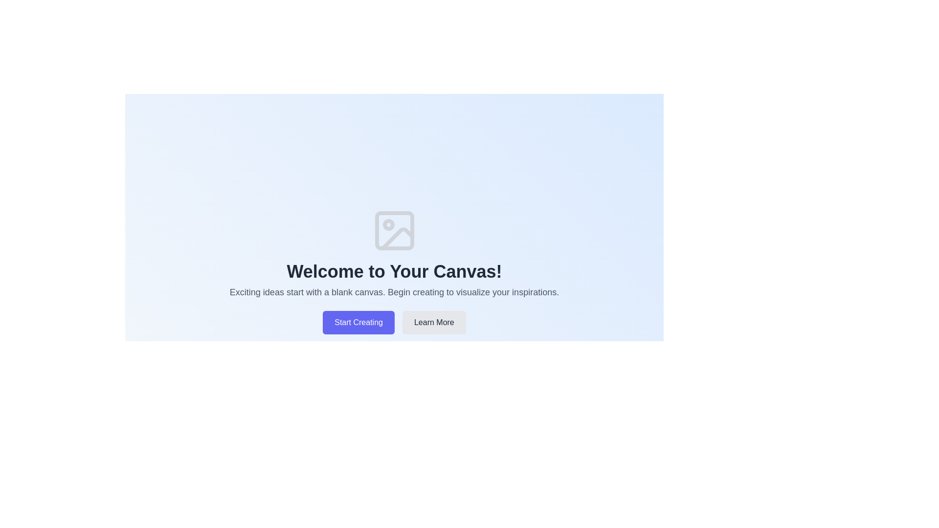 Image resolution: width=939 pixels, height=528 pixels. What do you see at coordinates (433, 322) in the screenshot?
I see `the 'Learn More' button, which is a rectangular button with a light gray background and black text, located at the bottom center of the page` at bounding box center [433, 322].